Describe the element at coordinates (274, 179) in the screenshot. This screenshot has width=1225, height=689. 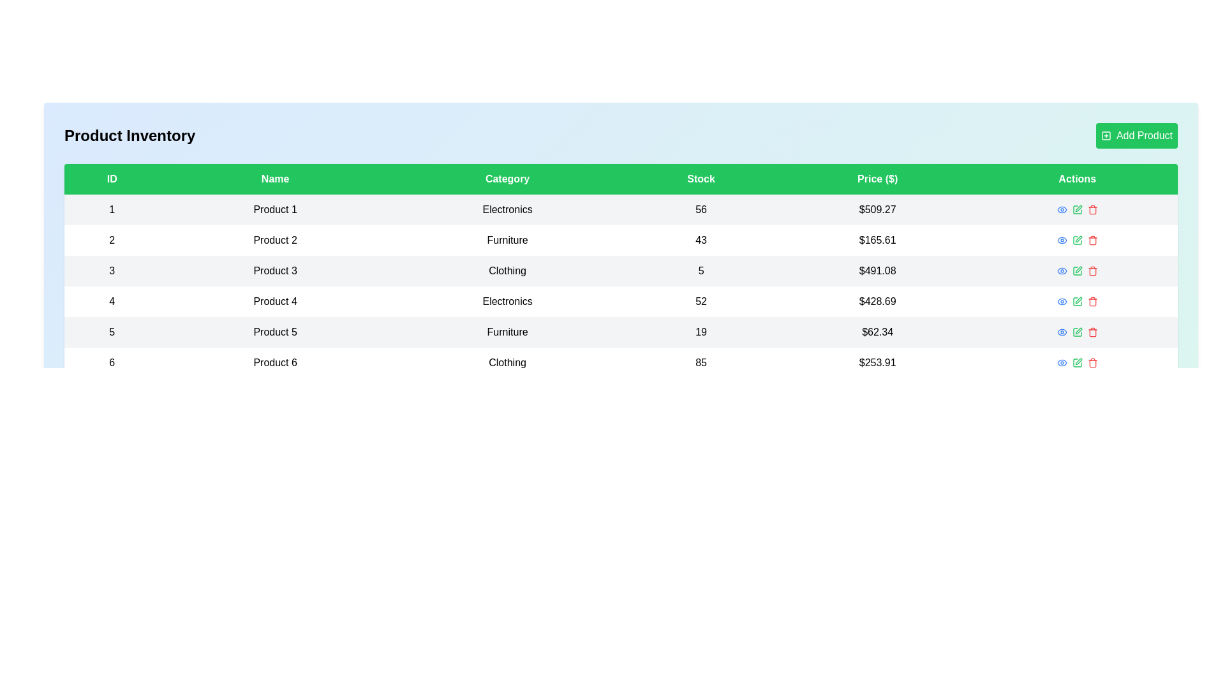
I see `the column header to sort the table by Name` at that location.